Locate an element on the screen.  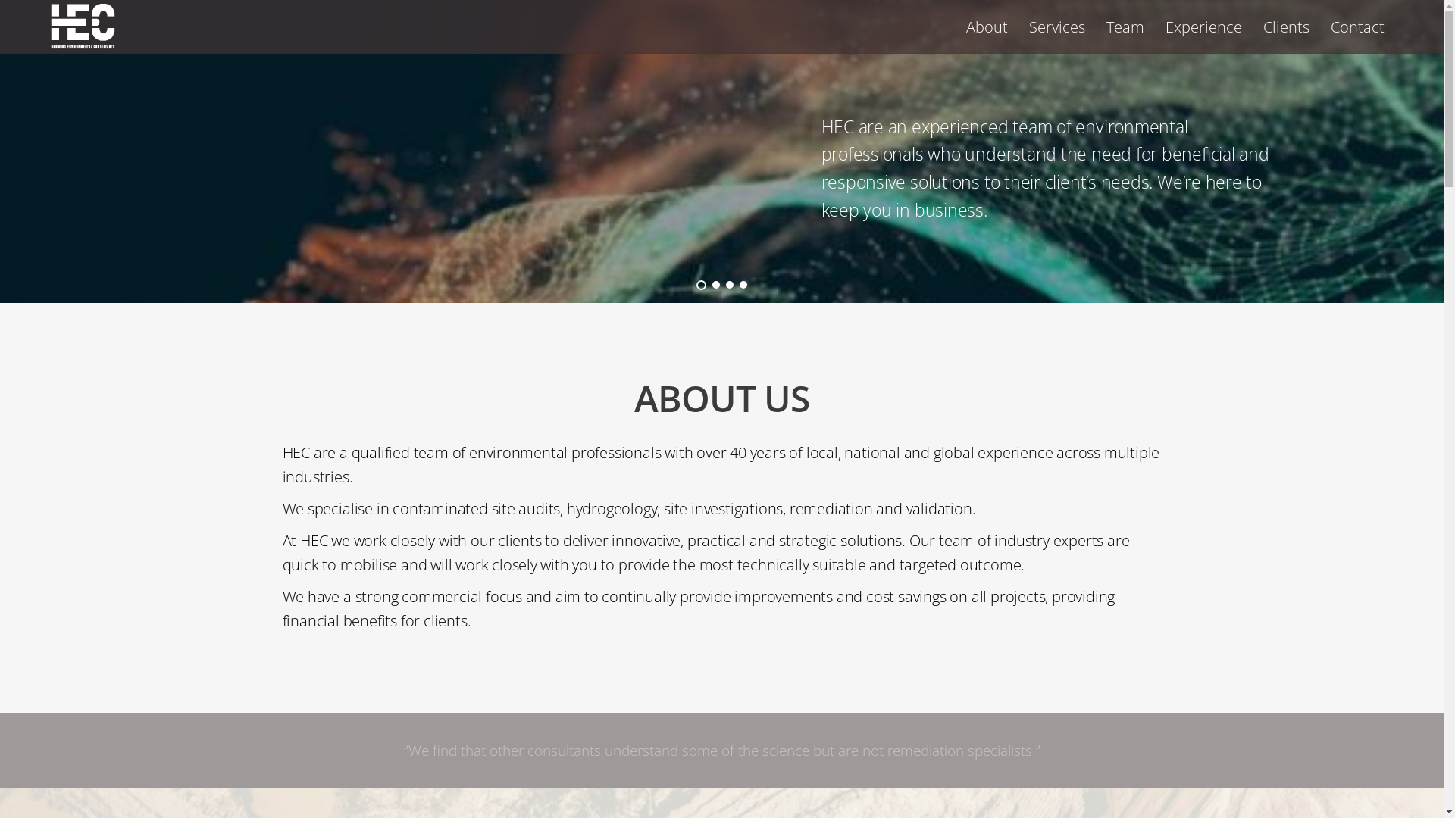
'Contact' is located at coordinates (1357, 27).